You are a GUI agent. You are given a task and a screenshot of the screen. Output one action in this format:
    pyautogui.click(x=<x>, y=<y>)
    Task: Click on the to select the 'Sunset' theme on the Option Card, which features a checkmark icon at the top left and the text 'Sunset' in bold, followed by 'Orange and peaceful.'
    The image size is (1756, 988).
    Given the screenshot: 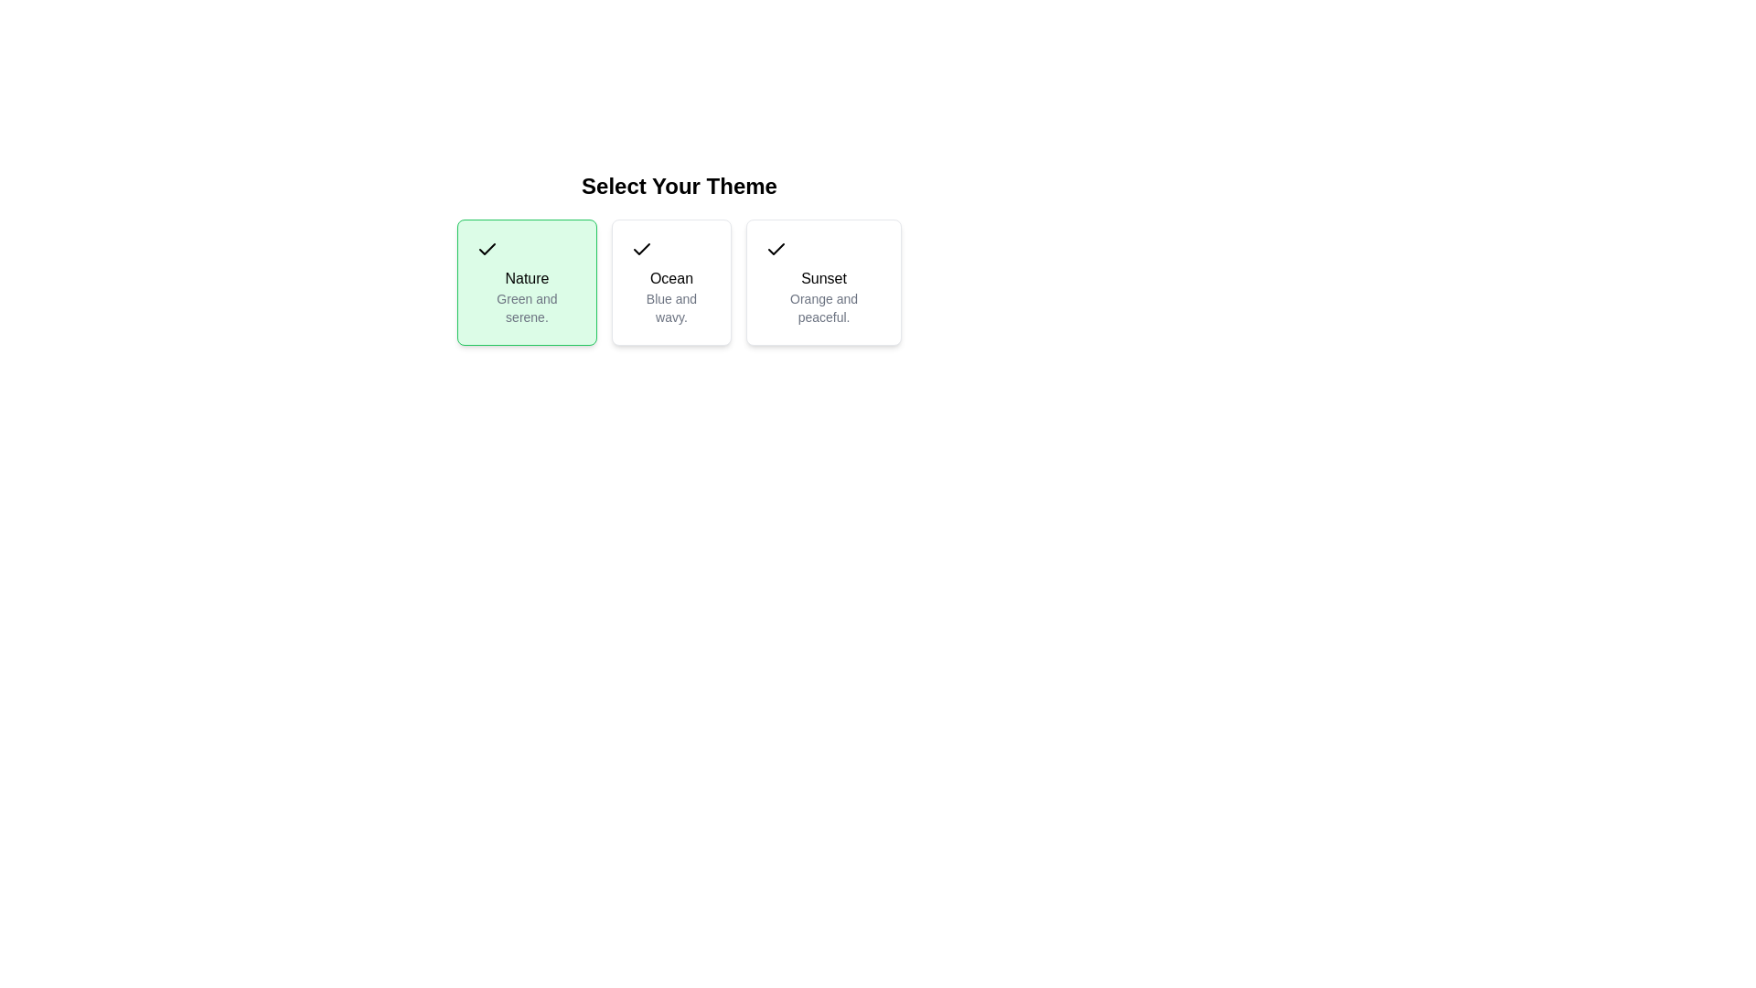 What is the action you would take?
    pyautogui.click(x=823, y=282)
    